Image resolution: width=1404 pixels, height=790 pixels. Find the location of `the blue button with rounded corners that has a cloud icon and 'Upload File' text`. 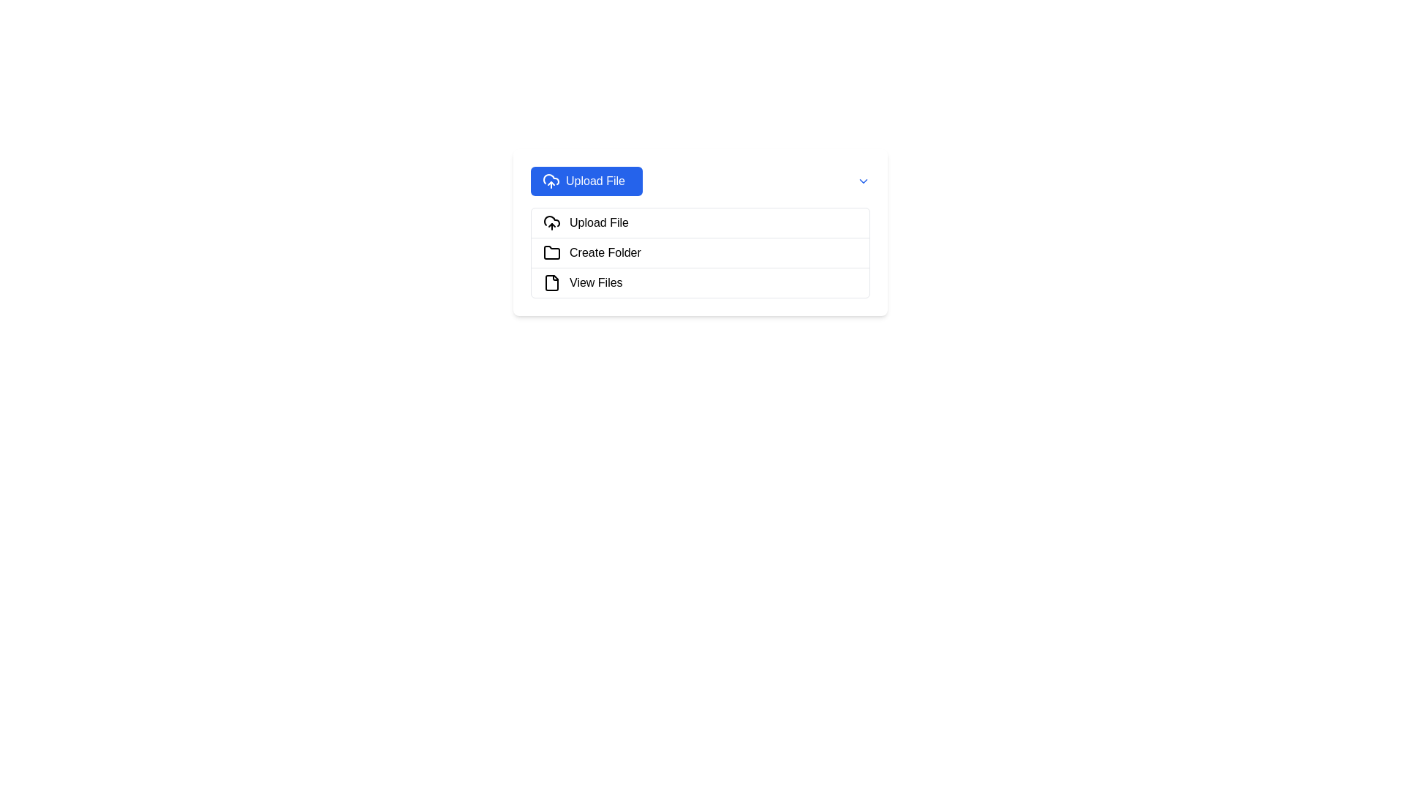

the blue button with rounded corners that has a cloud icon and 'Upload File' text is located at coordinates (586, 180).